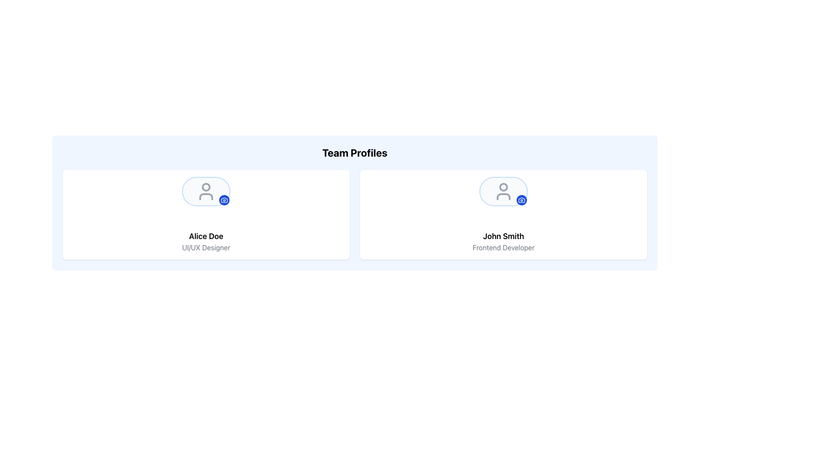 This screenshot has width=830, height=466. What do you see at coordinates (504, 191) in the screenshot?
I see `the camera icon overlay on the circular profile picture placeholder for 'John Smith' in the 'Team Profiles' section to upload a photo` at bounding box center [504, 191].